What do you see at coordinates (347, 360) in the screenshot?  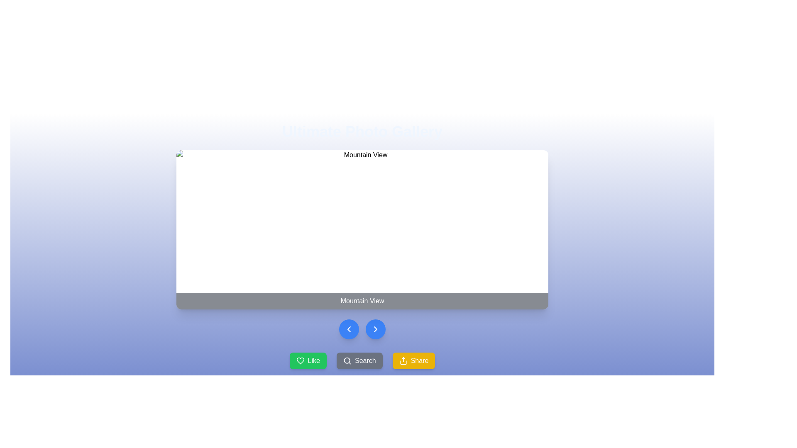 I see `the circular graphical element that serves as a visual indicator for the search functionality, located within the 'Search' button area` at bounding box center [347, 360].